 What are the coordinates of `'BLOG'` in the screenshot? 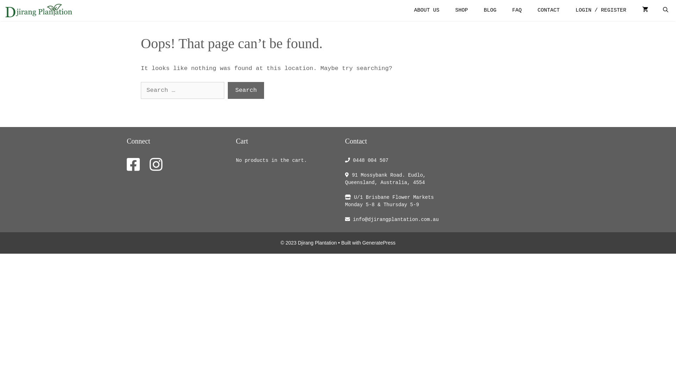 It's located at (490, 11).